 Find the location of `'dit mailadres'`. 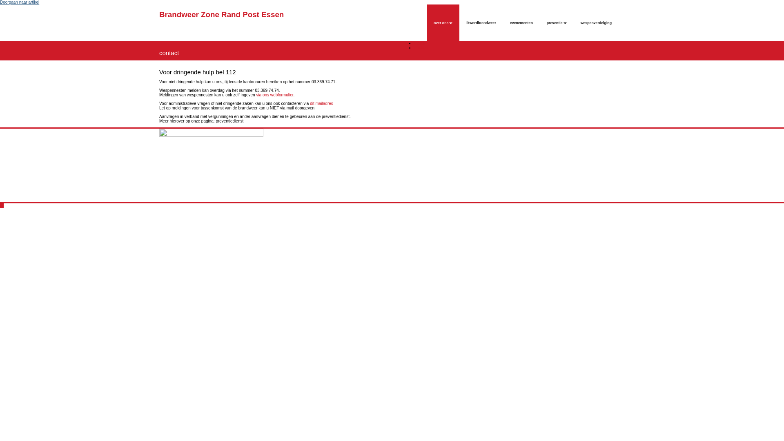

'dit mailadres' is located at coordinates (321, 103).